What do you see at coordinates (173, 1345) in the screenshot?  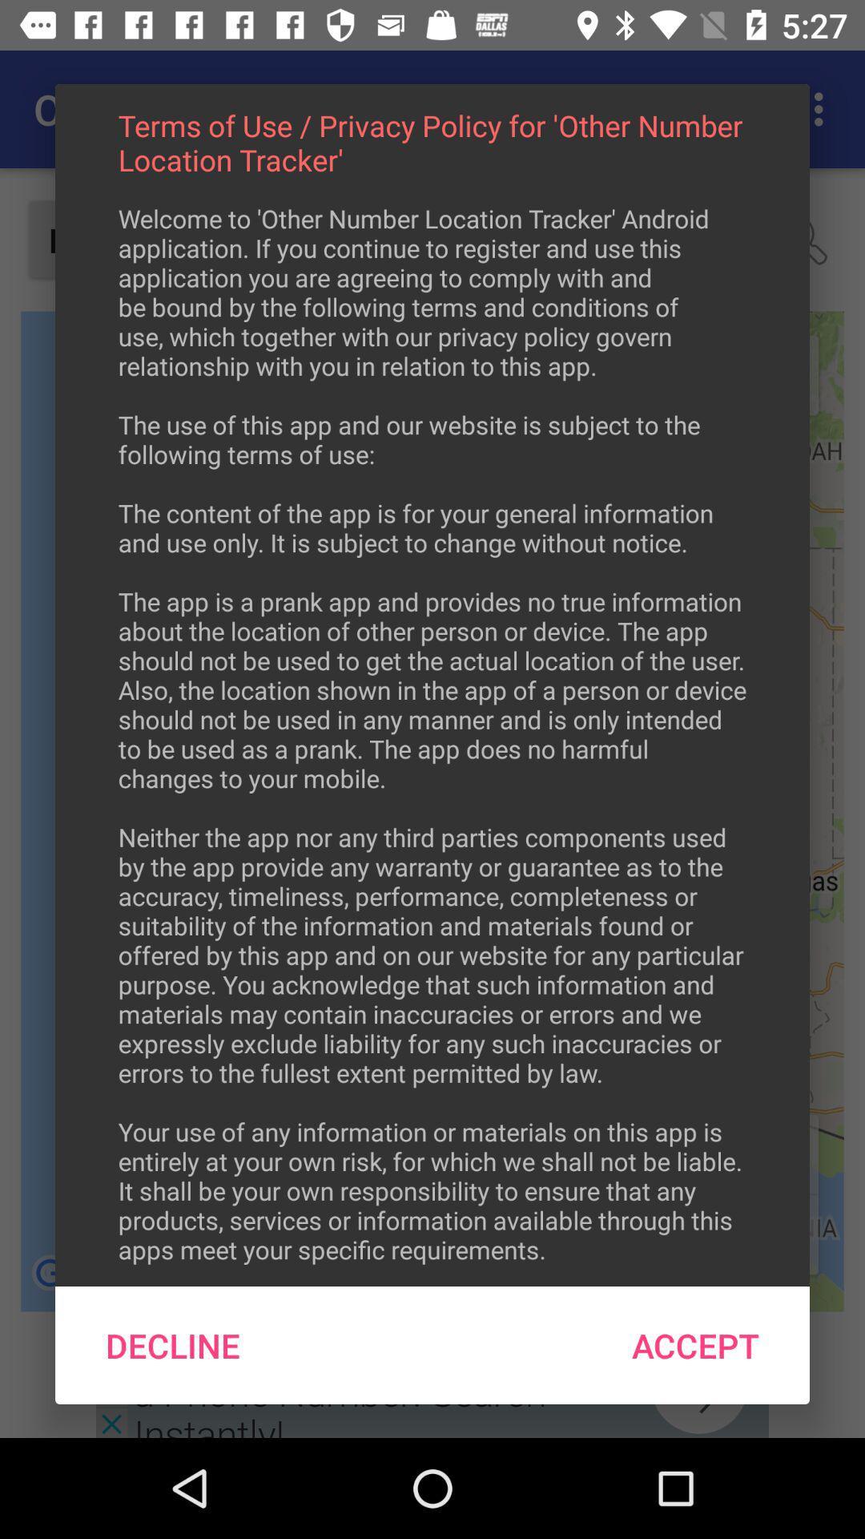 I see `decline` at bounding box center [173, 1345].